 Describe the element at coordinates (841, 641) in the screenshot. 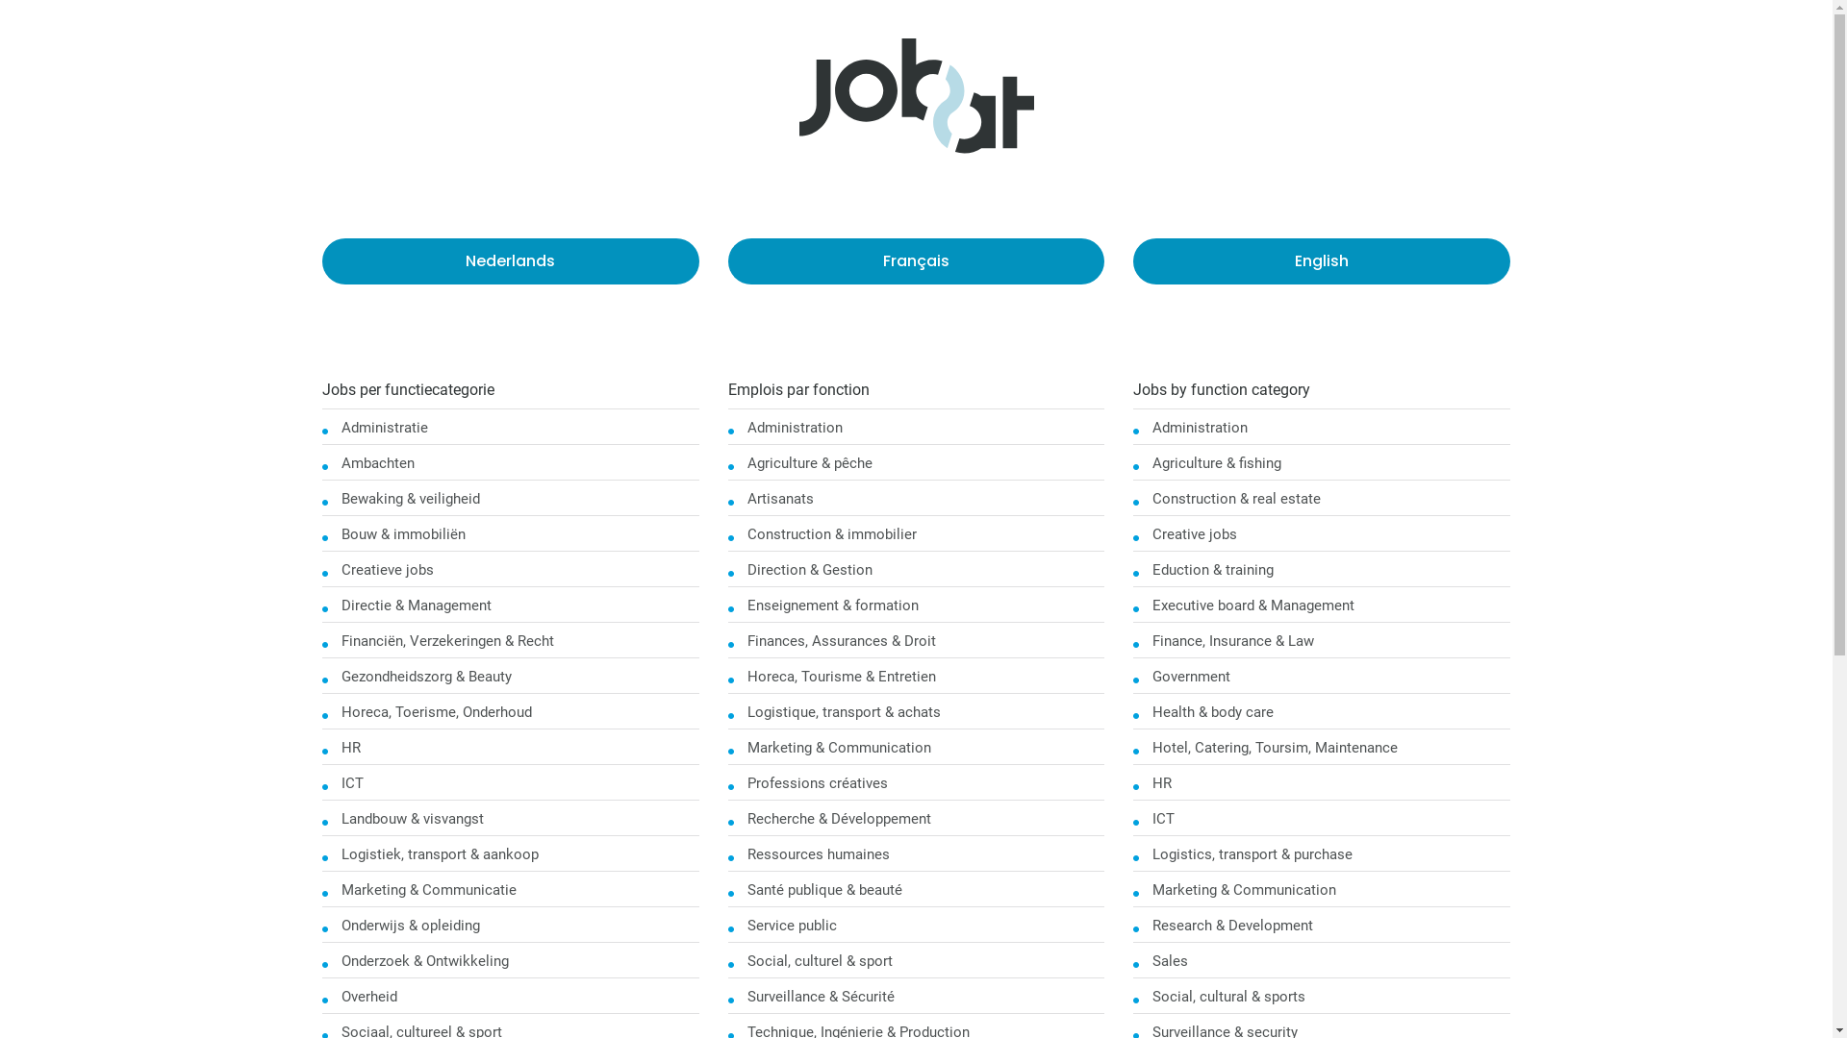

I see `'Finances, Assurances & Droit'` at that location.